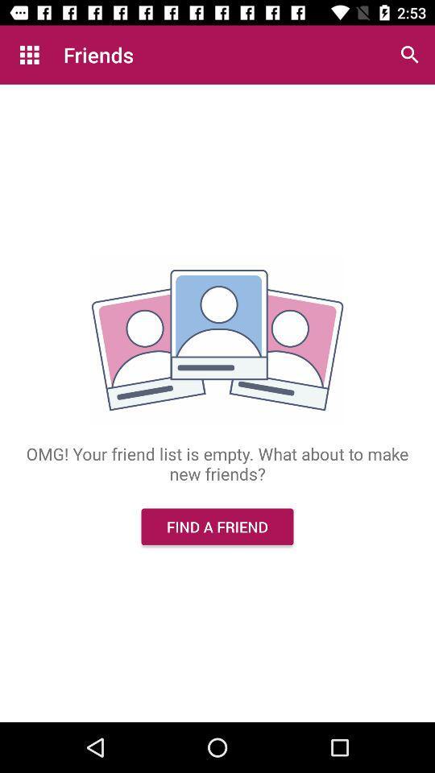 Image resolution: width=435 pixels, height=773 pixels. What do you see at coordinates (409, 55) in the screenshot?
I see `item at the top right corner` at bounding box center [409, 55].